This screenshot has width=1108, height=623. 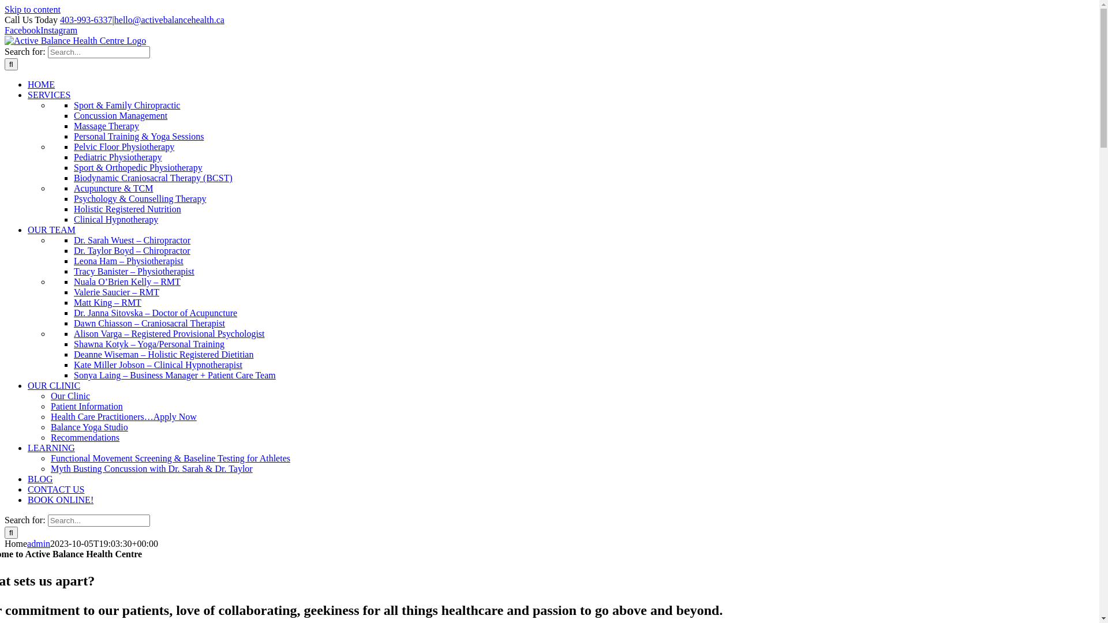 I want to click on 'Personal Training & Yoga Sessions', so click(x=138, y=136).